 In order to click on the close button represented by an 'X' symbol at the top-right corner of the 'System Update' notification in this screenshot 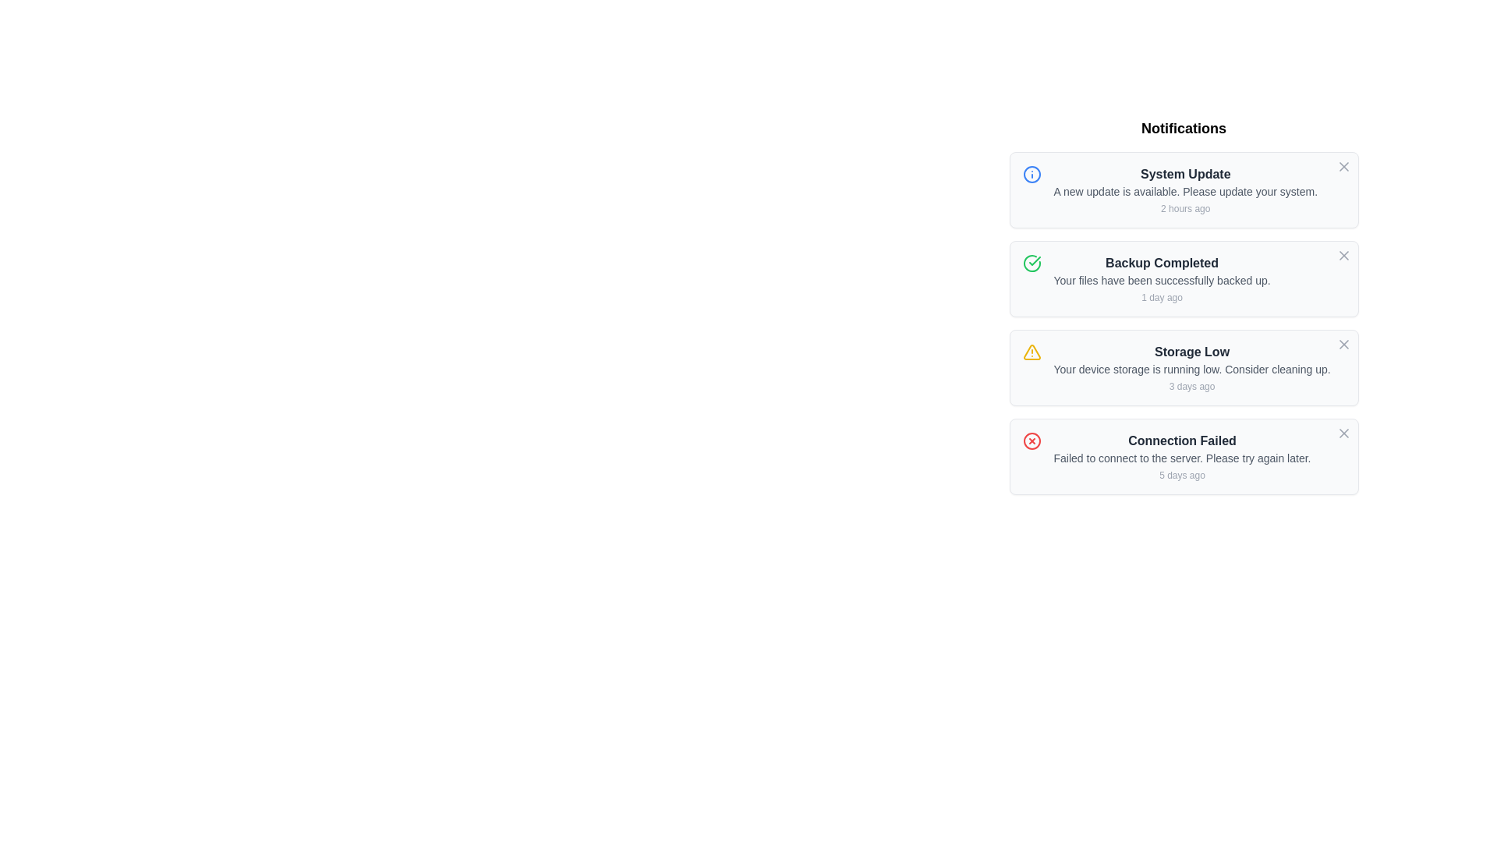, I will do `click(1343, 166)`.